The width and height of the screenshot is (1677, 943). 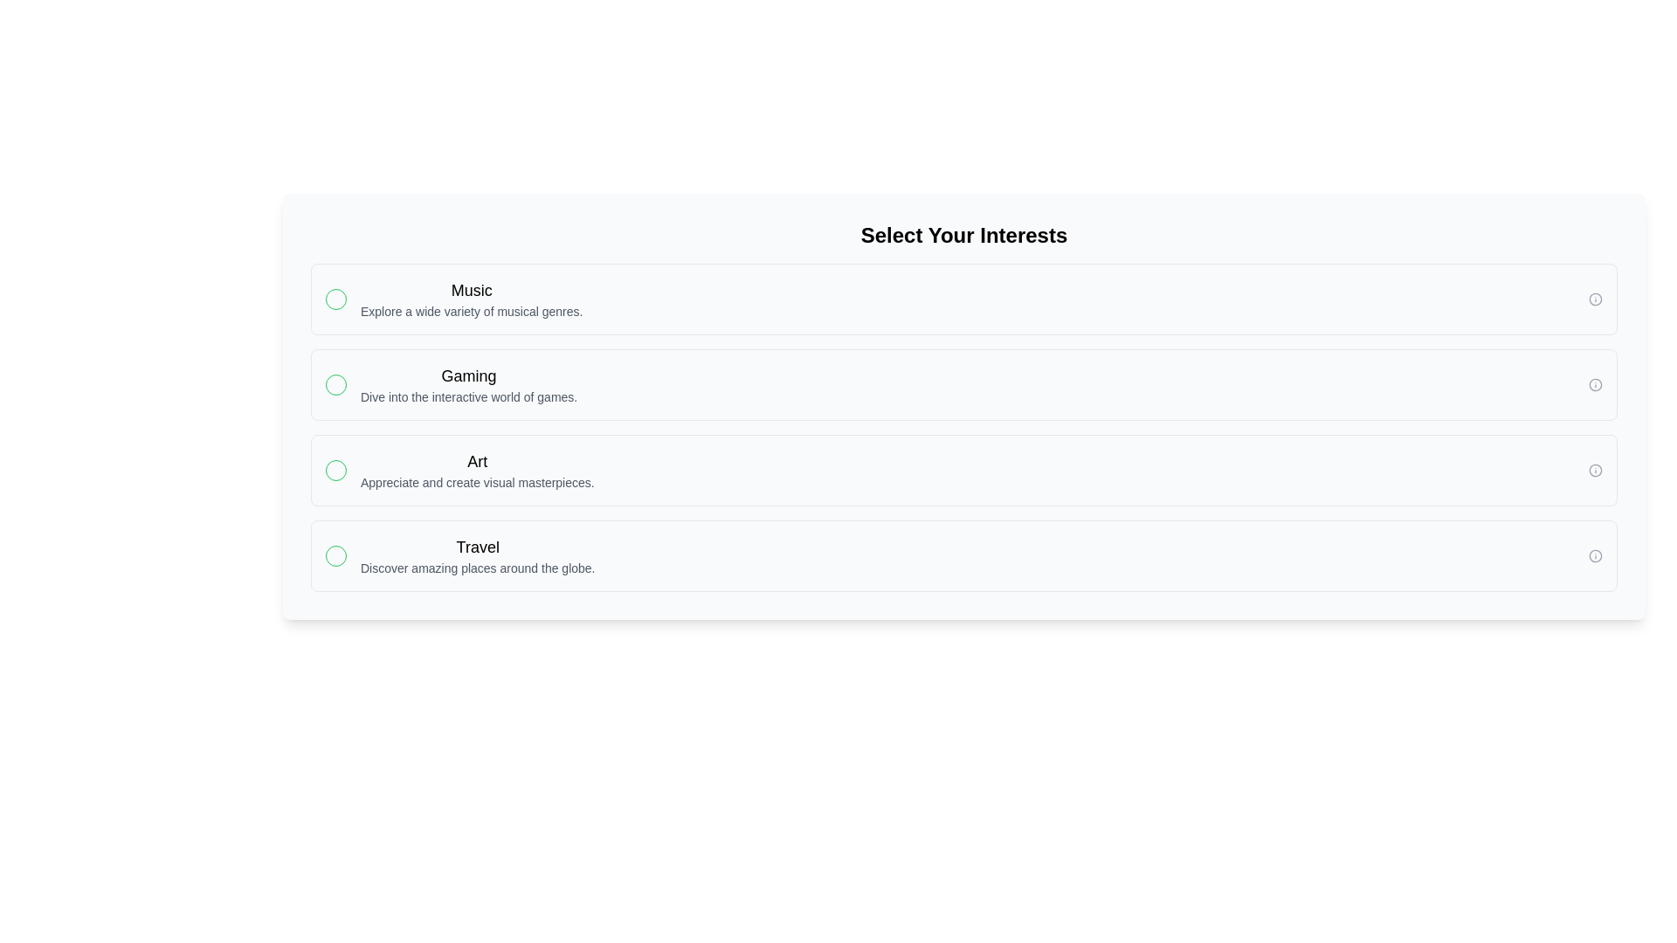 I want to click on the option corresponding to Art to select it, so click(x=963, y=470).